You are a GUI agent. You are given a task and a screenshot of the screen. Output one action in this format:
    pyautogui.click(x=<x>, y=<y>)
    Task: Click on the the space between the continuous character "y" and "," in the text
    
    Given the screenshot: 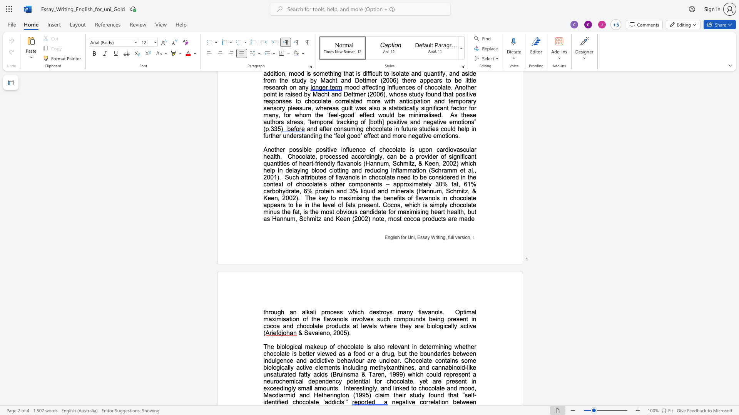 What is the action you would take?
    pyautogui.click(x=376, y=388)
    